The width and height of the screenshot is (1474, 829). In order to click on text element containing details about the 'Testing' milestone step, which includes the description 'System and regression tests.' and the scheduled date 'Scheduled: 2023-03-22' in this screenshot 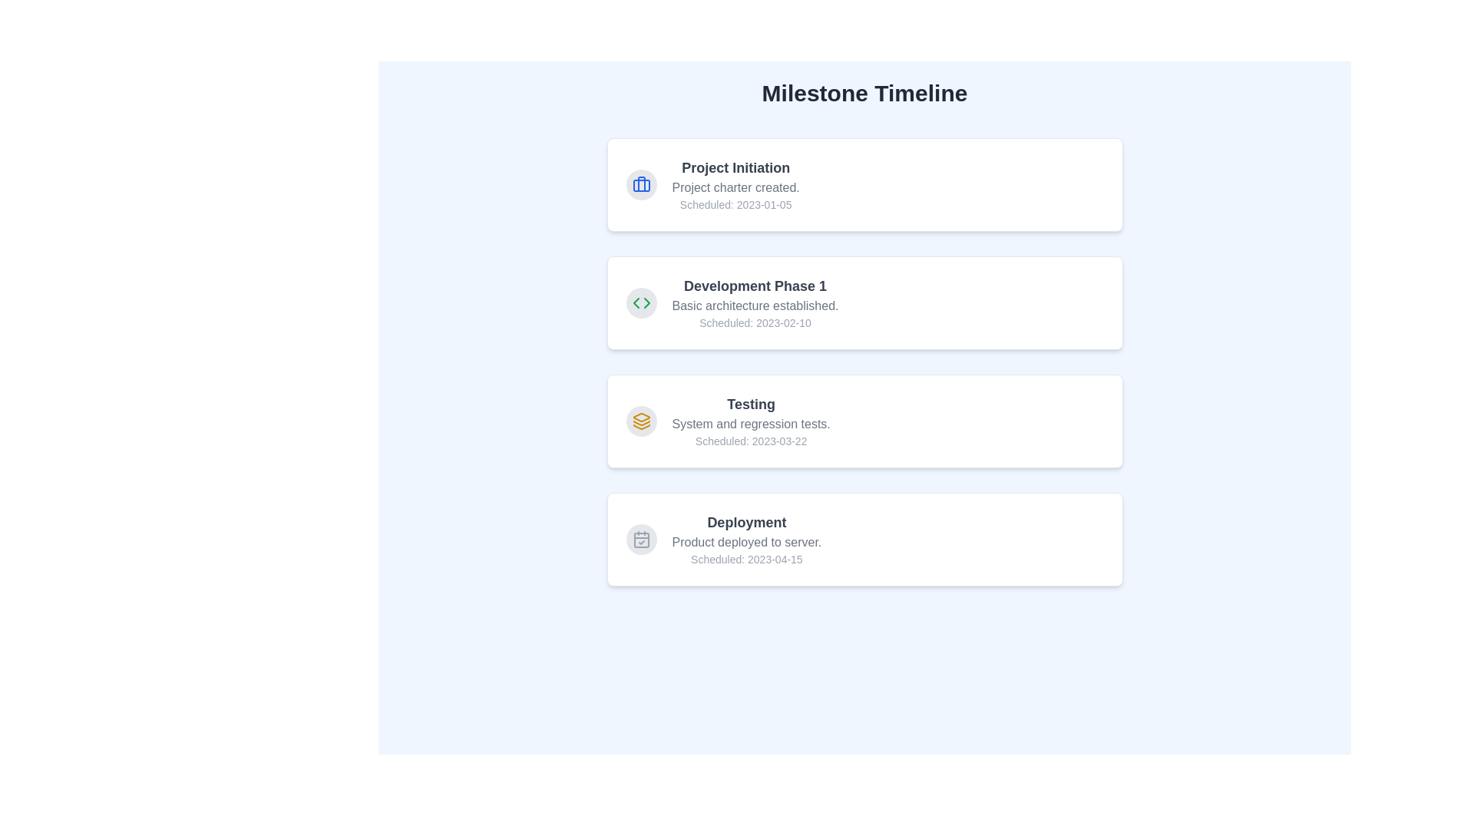, I will do `click(751, 421)`.